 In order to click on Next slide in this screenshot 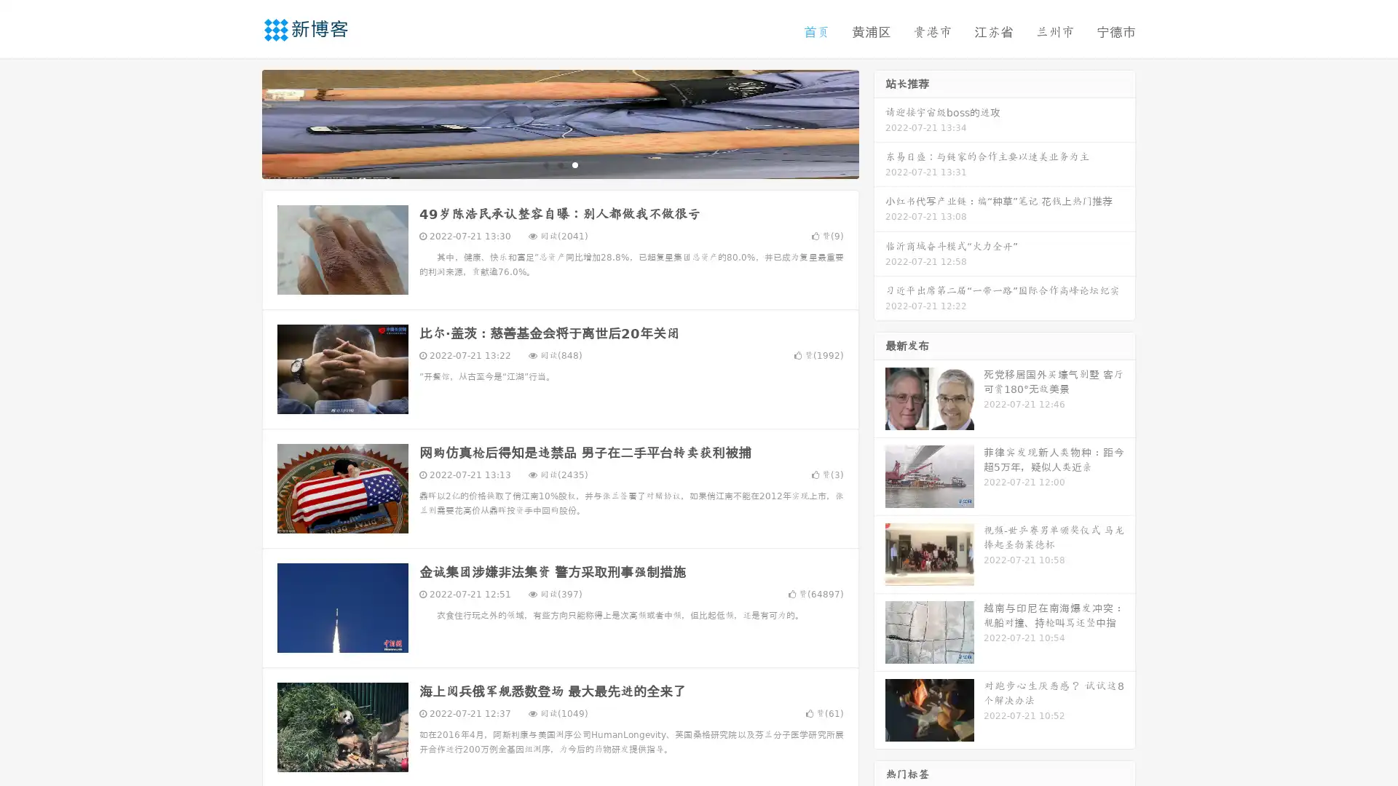, I will do `click(880, 122)`.